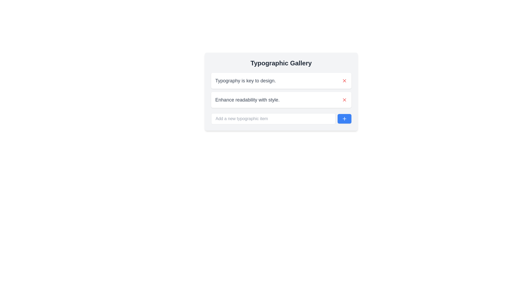 This screenshot has width=510, height=287. I want to click on the 'plus' icon located at the bottom-right corner of the 'Typographic Gallery' button, so click(344, 119).